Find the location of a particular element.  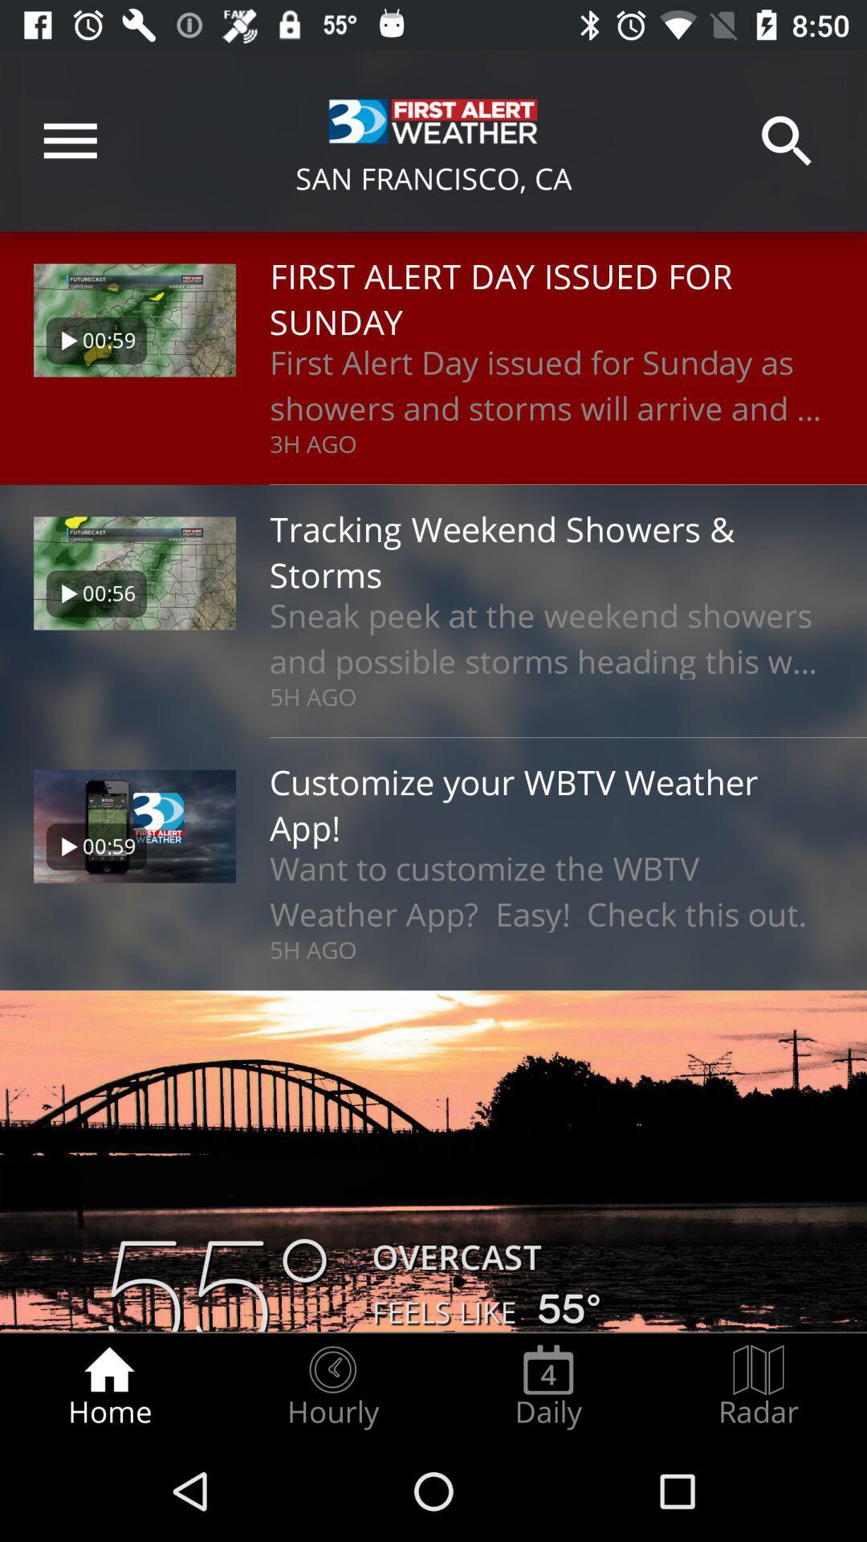

the radio button at the bottom right corner is located at coordinates (759, 1386).